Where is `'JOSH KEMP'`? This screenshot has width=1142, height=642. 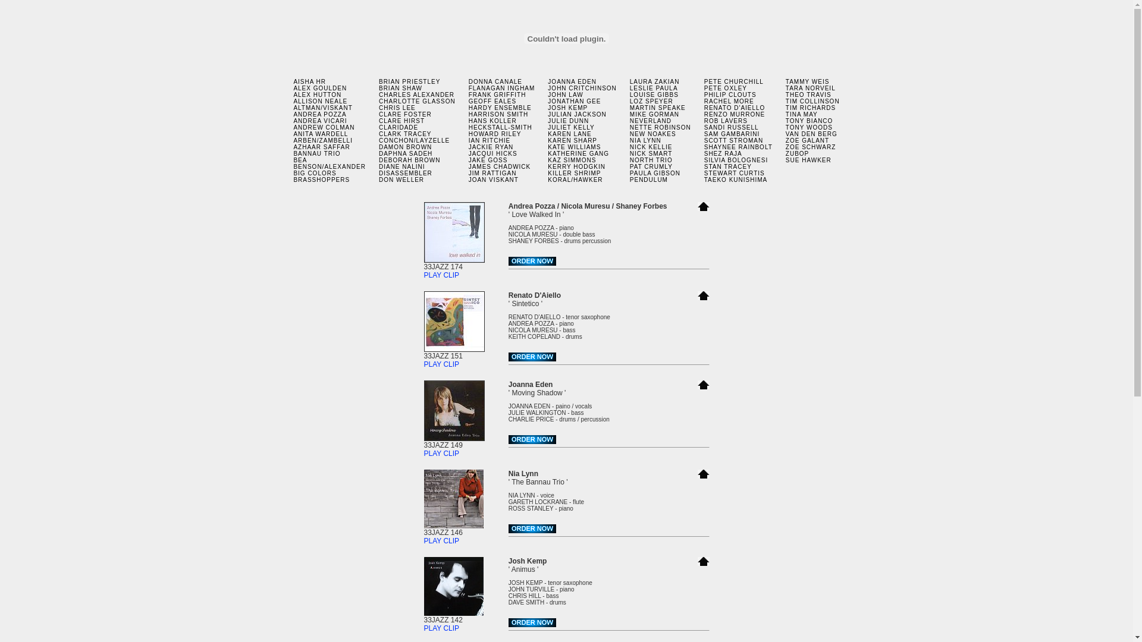 'JOSH KEMP' is located at coordinates (567, 108).